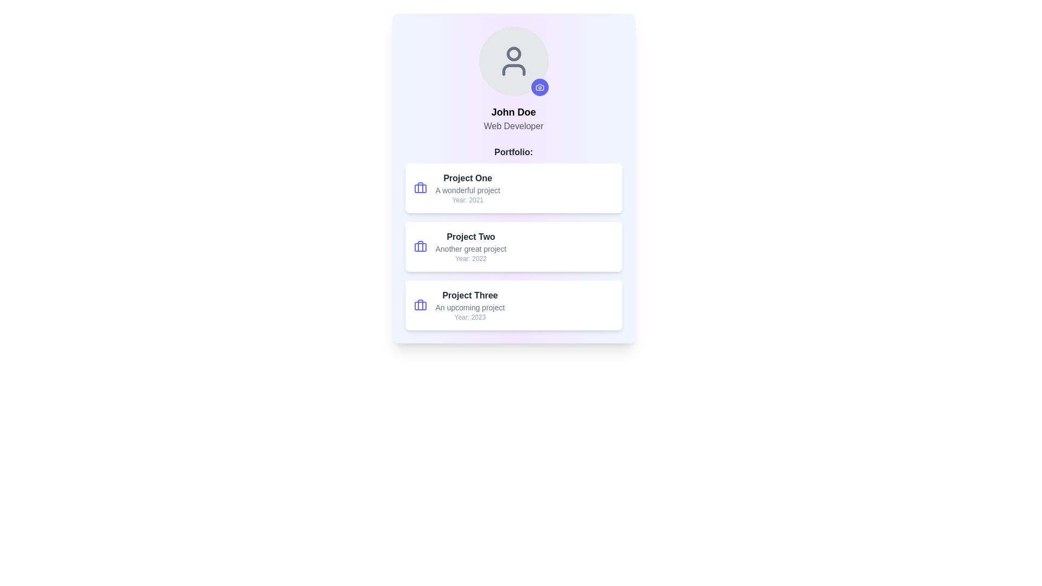  What do you see at coordinates (420, 187) in the screenshot?
I see `the vertical section of the briefcase icon representing 'Project One', located in the center-right part of the icon` at bounding box center [420, 187].